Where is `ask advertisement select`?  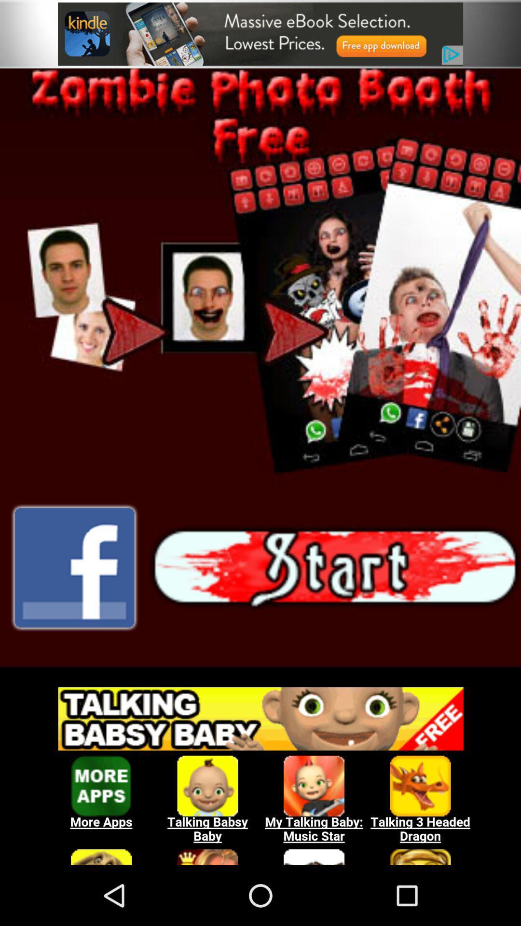
ask advertisement select is located at coordinates (260, 770).